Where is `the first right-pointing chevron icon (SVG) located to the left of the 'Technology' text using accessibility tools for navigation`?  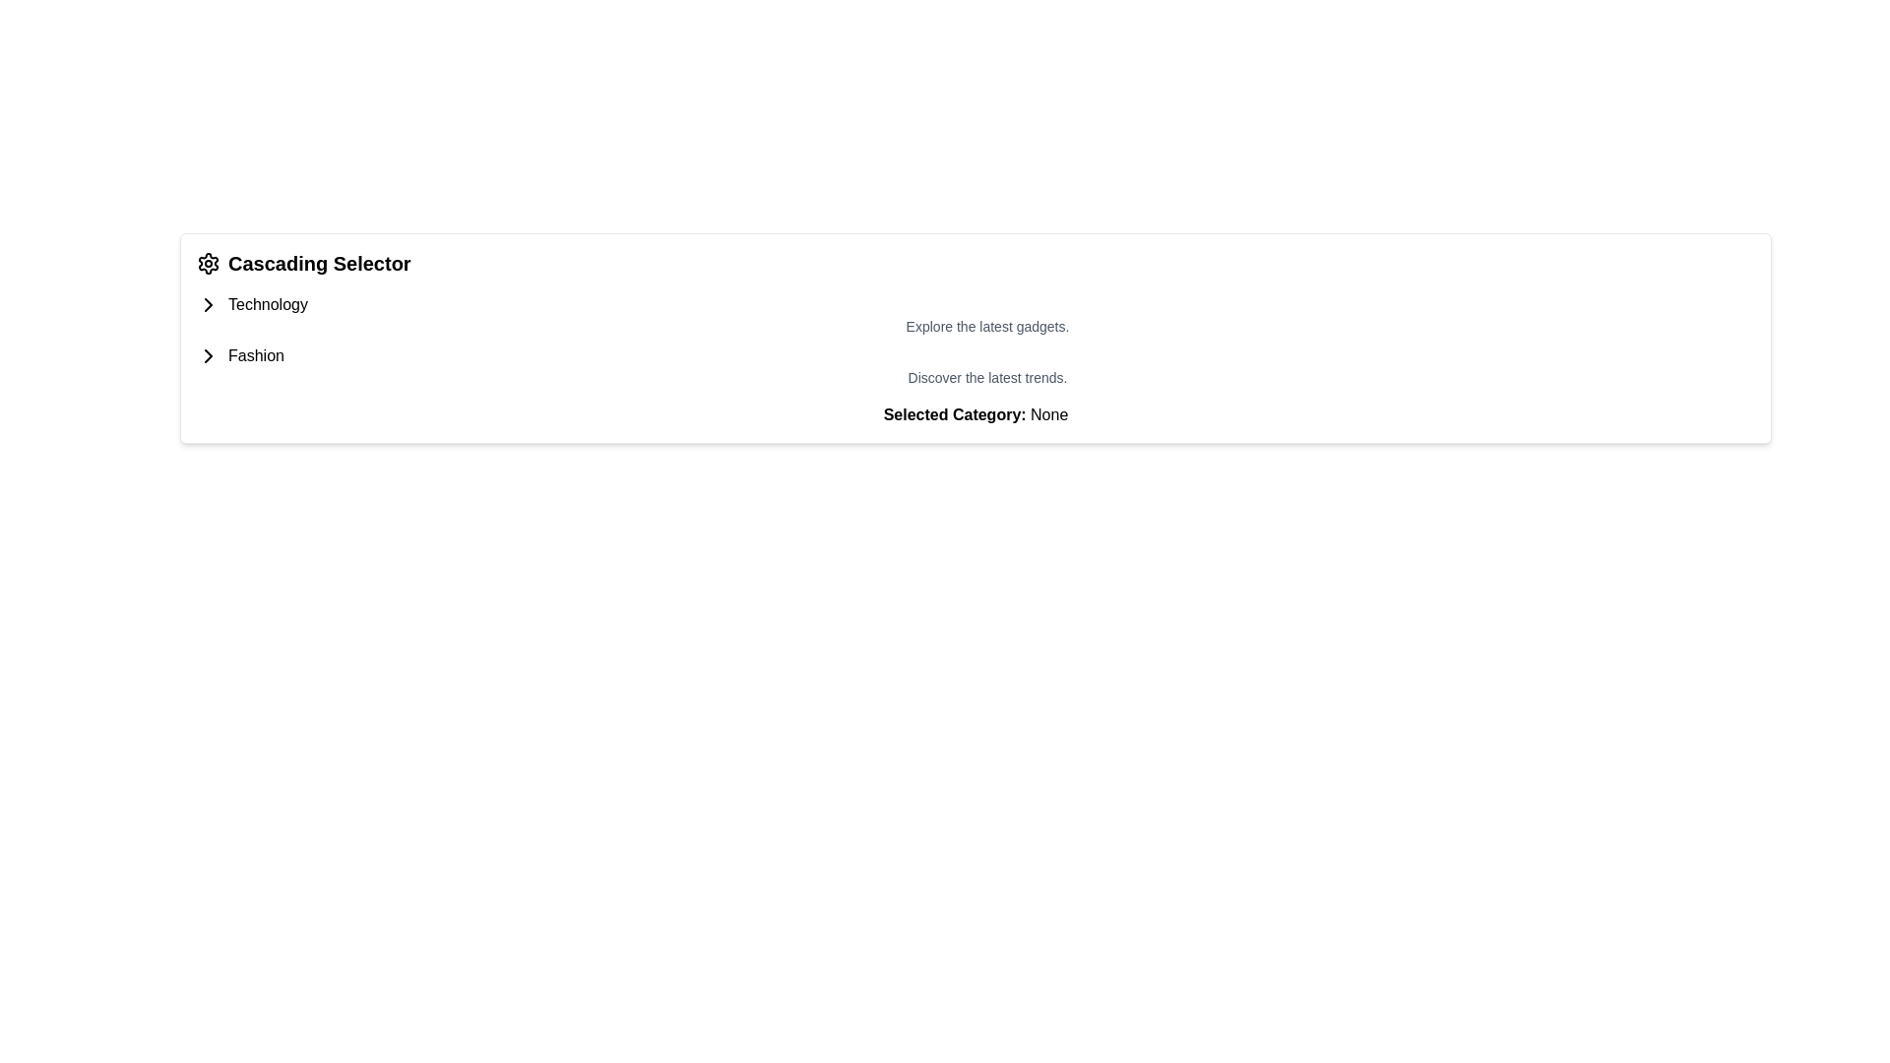
the first right-pointing chevron icon (SVG) located to the left of the 'Technology' text using accessibility tools for navigation is located at coordinates (208, 304).